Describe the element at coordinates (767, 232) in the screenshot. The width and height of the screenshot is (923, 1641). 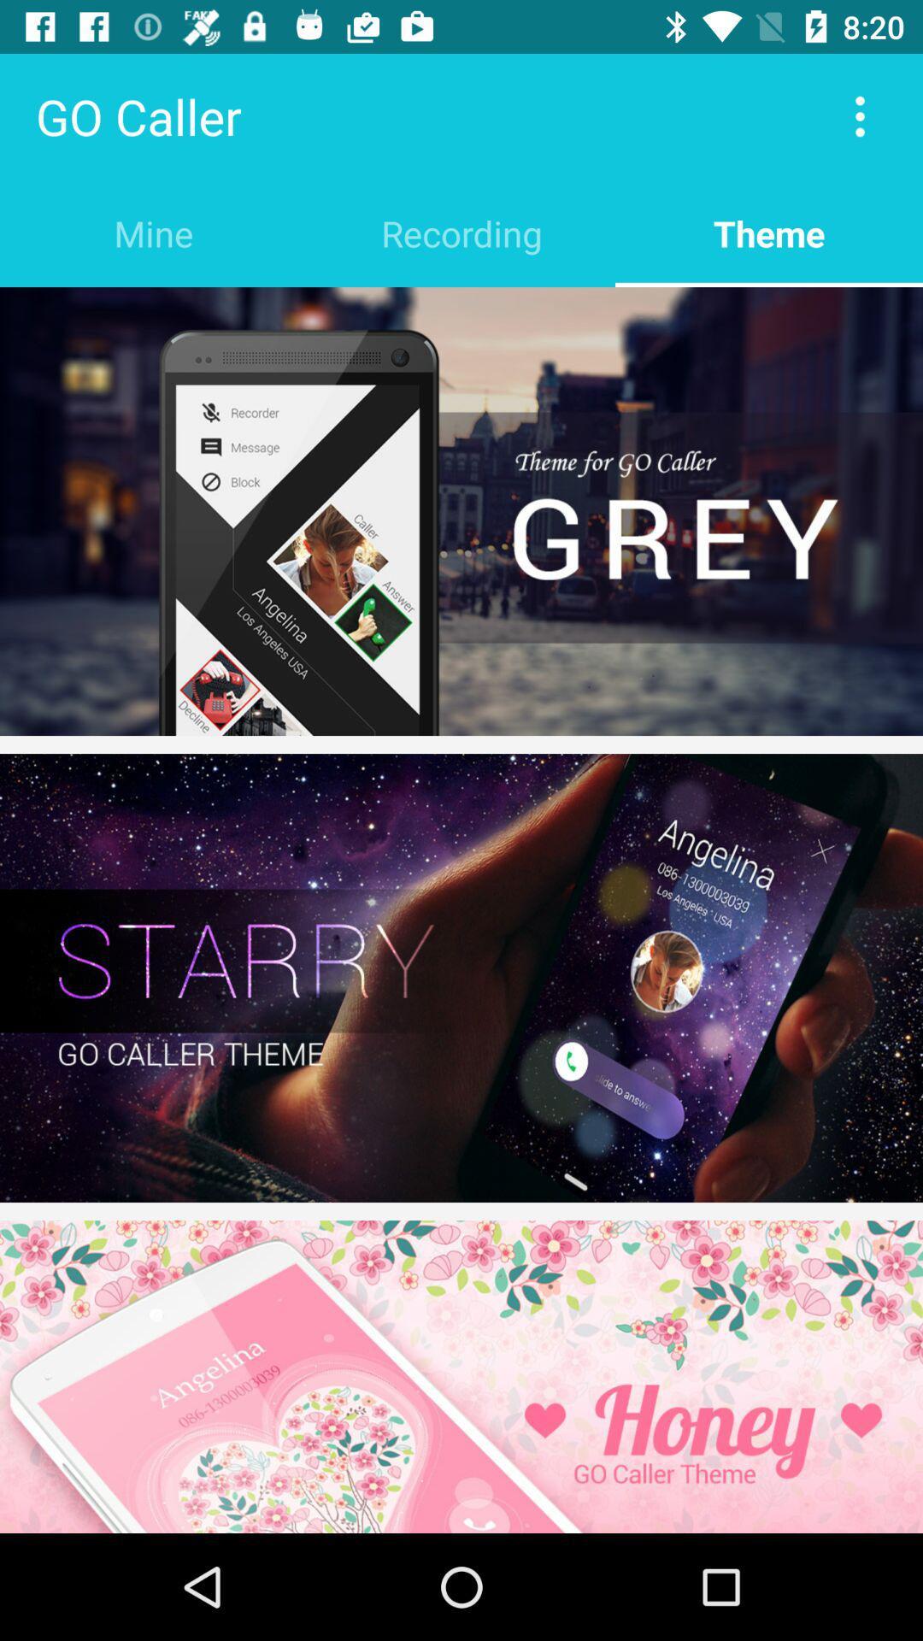
I see `the theme` at that location.